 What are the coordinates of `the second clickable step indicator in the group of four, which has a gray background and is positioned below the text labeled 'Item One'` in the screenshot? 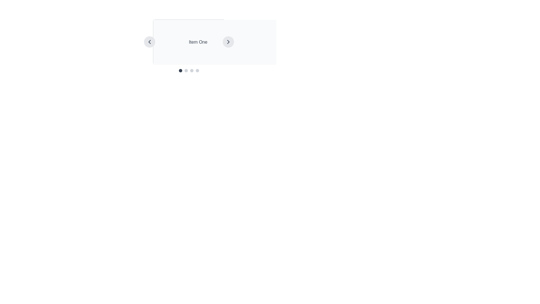 It's located at (186, 70).